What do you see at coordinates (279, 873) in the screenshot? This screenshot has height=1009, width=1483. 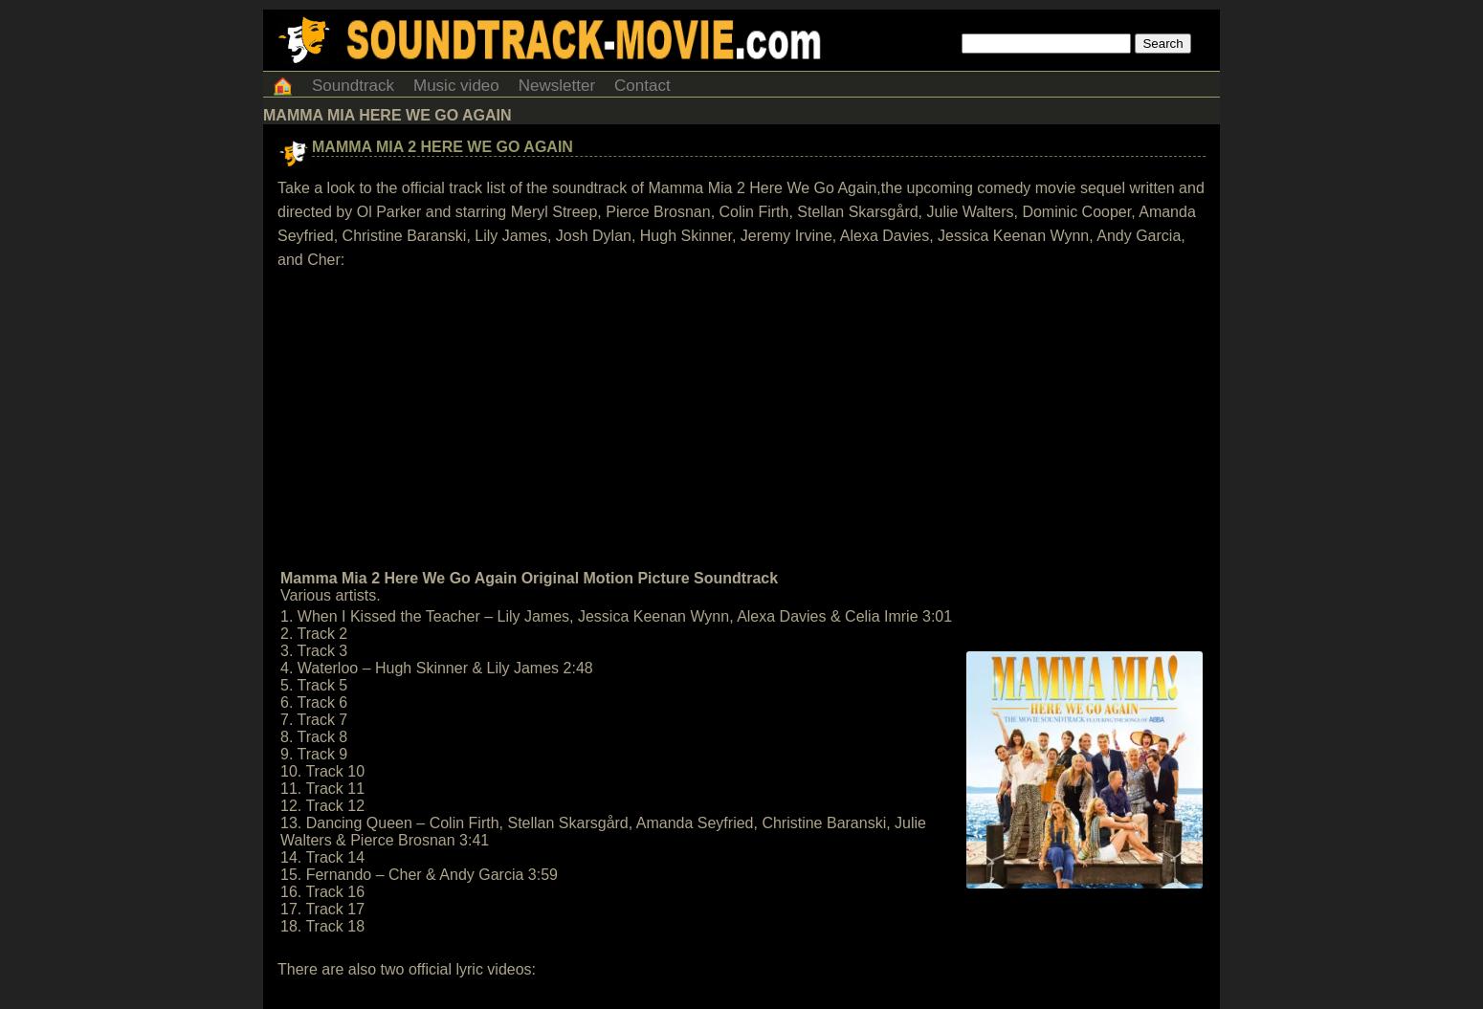 I see `'15. Fernando – Cher & Andy Garcia	3:59'` at bounding box center [279, 873].